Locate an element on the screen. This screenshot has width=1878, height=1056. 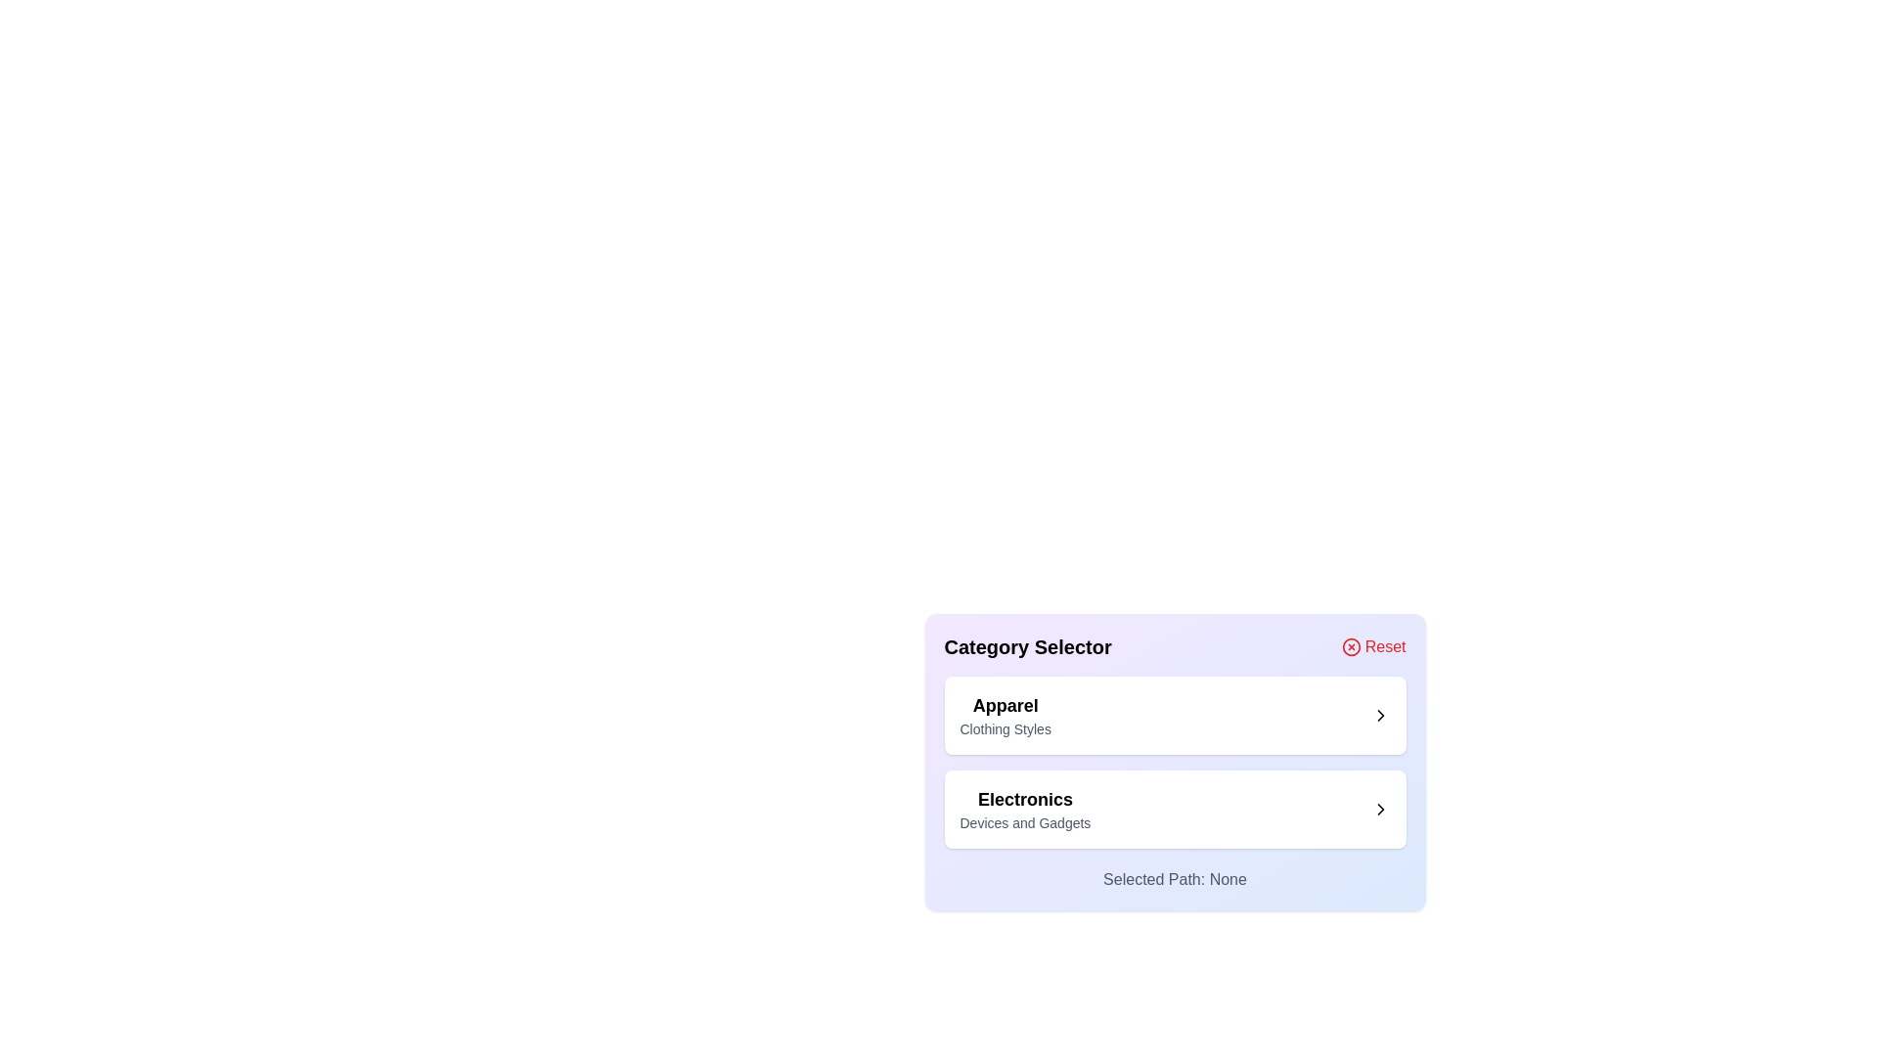
the text label displaying 'Clothing Styles', which is located directly below the 'Apparel' label in the Apparel category card is located at coordinates (1006, 728).